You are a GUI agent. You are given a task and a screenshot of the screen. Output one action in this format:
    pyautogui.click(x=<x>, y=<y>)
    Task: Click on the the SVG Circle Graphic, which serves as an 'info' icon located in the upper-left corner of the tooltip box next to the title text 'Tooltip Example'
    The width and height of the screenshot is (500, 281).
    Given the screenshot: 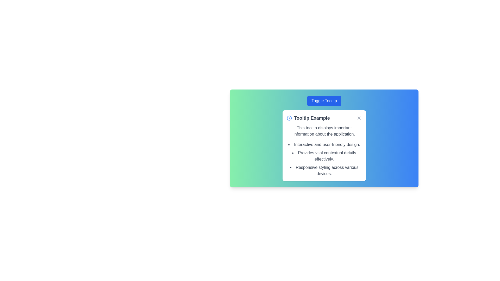 What is the action you would take?
    pyautogui.click(x=289, y=118)
    